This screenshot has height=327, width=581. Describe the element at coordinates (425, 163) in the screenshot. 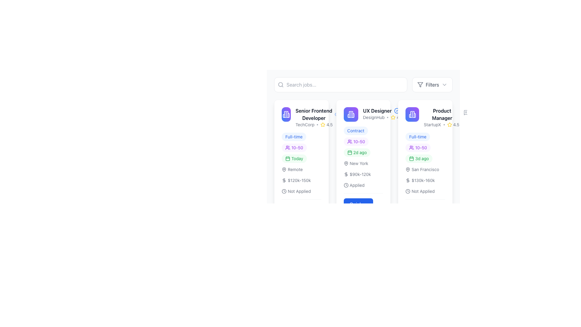

I see `job attributes displayed in the job card labeled 'Product Manager', which includes employment type, company size, location, and salary` at that location.